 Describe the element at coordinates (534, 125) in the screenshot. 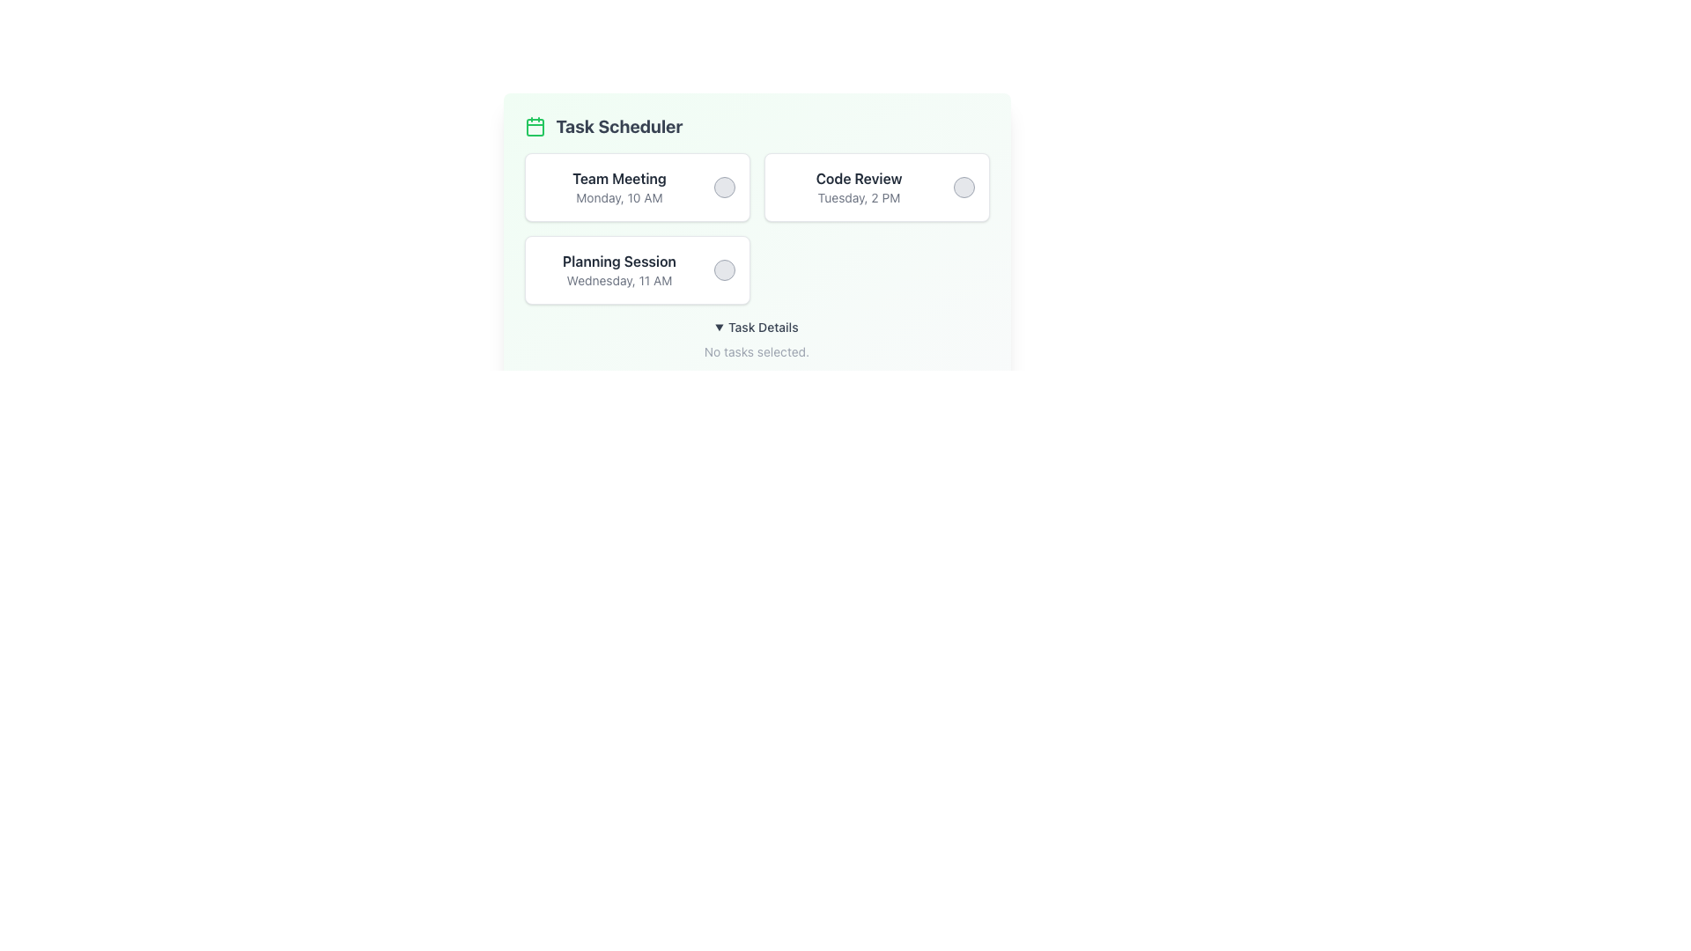

I see `the green calendar icon located to the left of the 'Task Scheduler' text` at that location.